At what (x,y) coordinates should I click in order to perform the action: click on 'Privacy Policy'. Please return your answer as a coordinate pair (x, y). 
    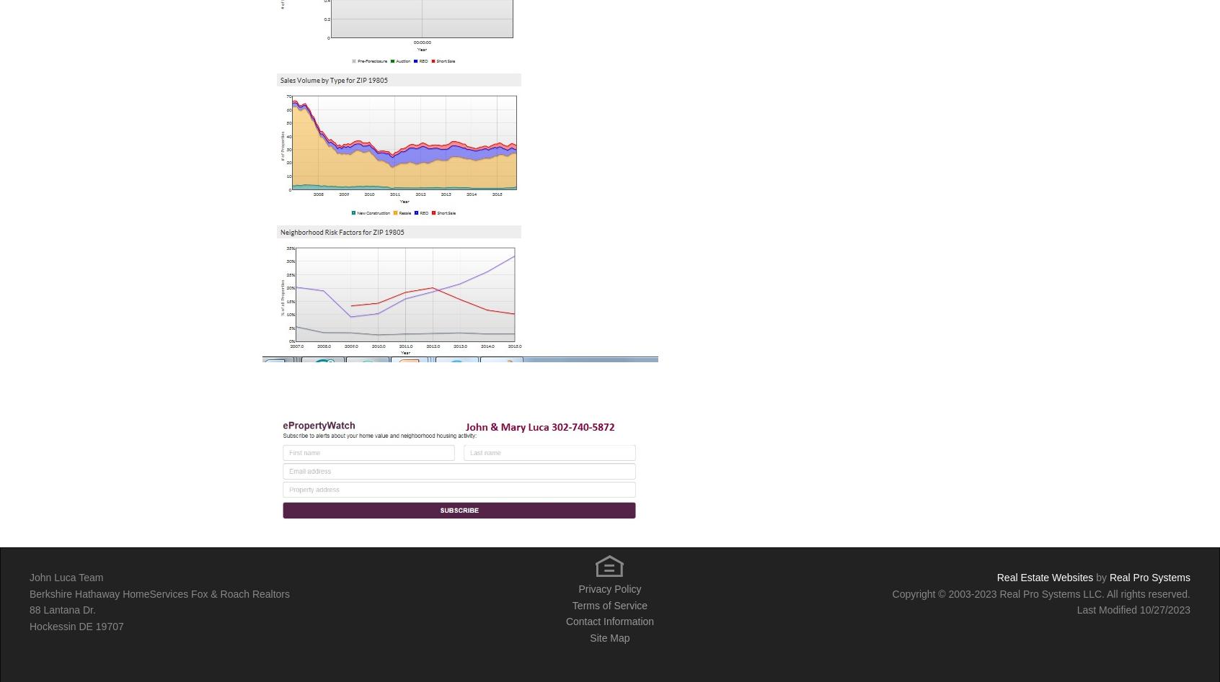
    Looking at the image, I should click on (578, 589).